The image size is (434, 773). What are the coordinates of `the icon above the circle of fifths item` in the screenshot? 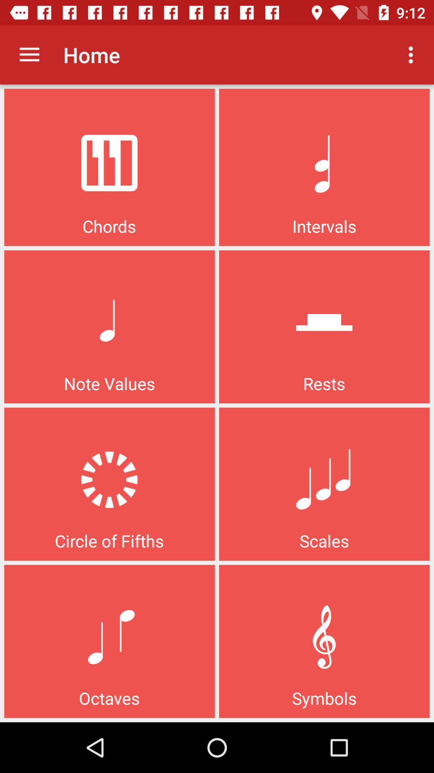 It's located at (29, 54).